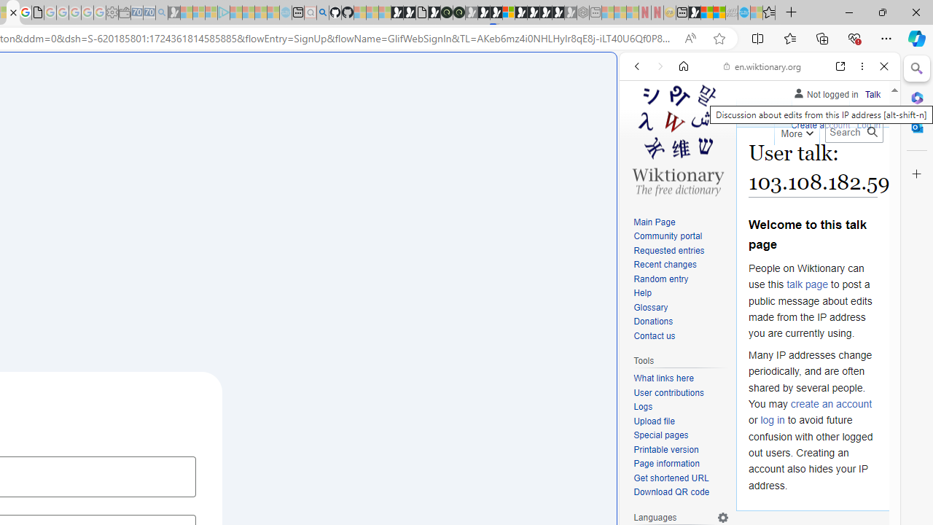 The image size is (933, 525). Describe the element at coordinates (665, 448) in the screenshot. I see `'Printable version'` at that location.